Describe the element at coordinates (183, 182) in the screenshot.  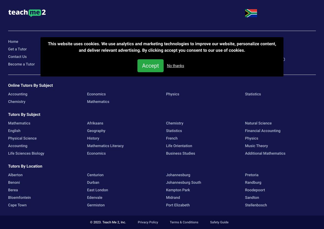
I see `'Johannesburg South'` at that location.